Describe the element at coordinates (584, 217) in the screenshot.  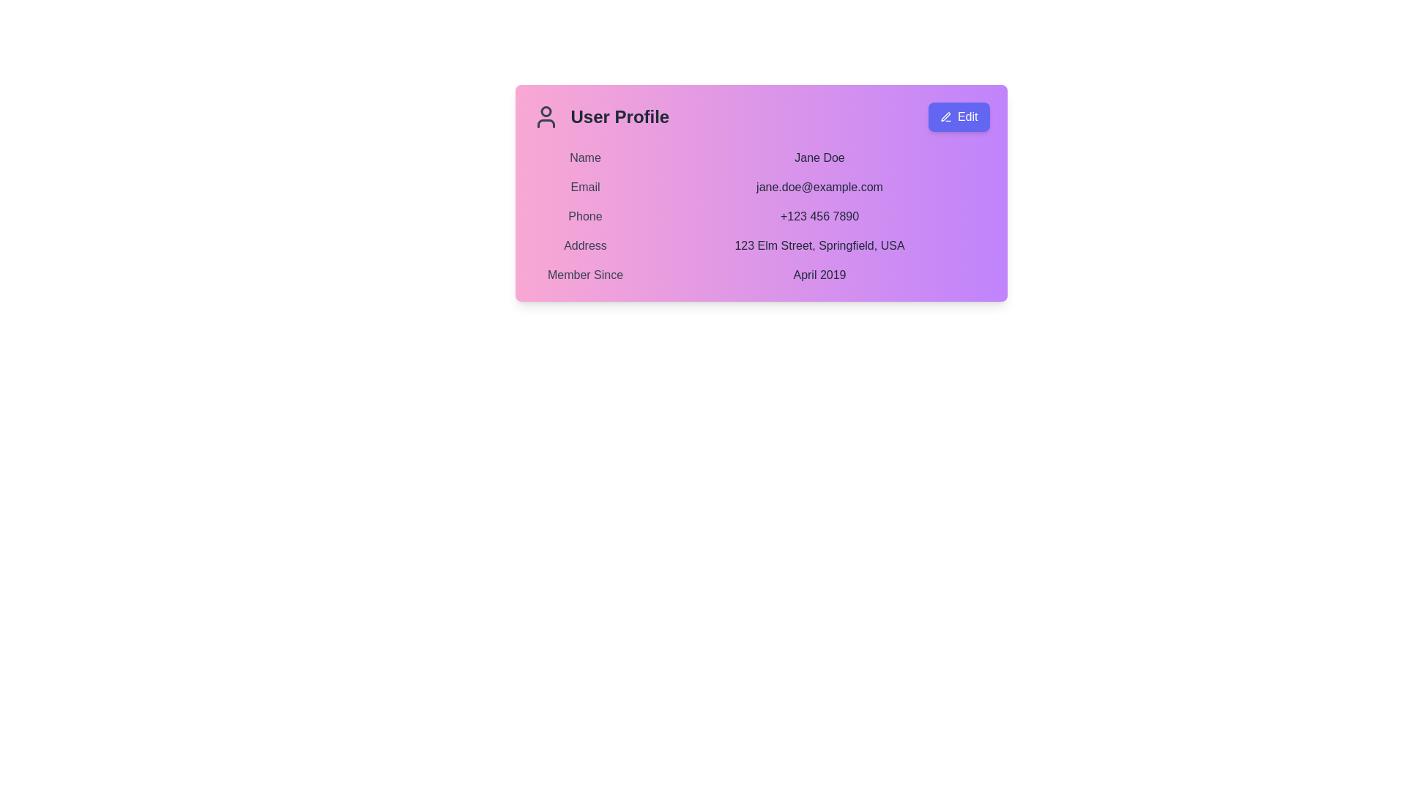
I see `the static text label that identifies the phone number in the profile card's grid, located in the third row and aligned to the left` at that location.